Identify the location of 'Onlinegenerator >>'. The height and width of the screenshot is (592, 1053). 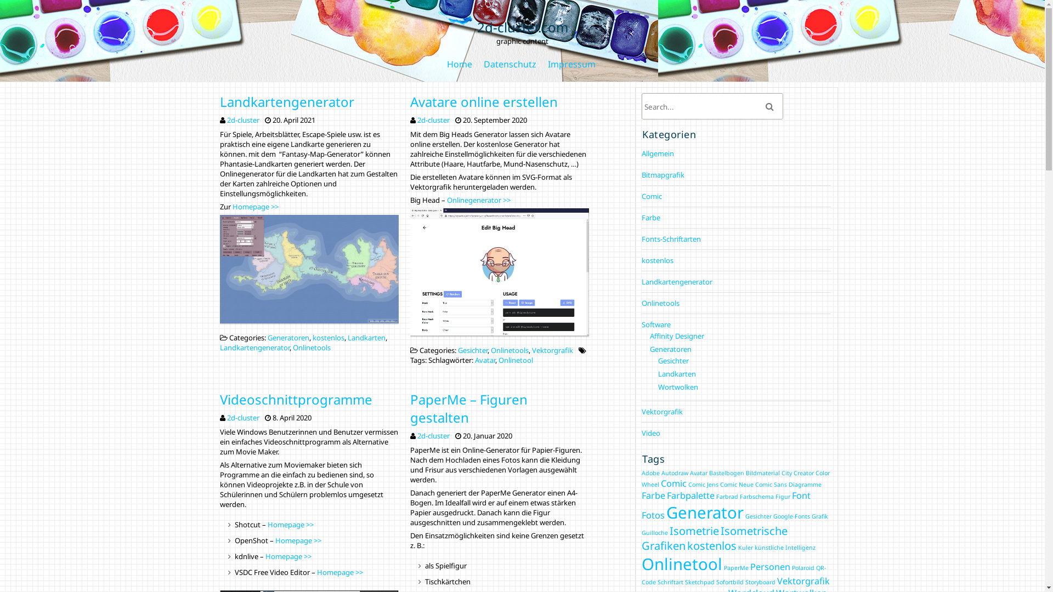
(447, 200).